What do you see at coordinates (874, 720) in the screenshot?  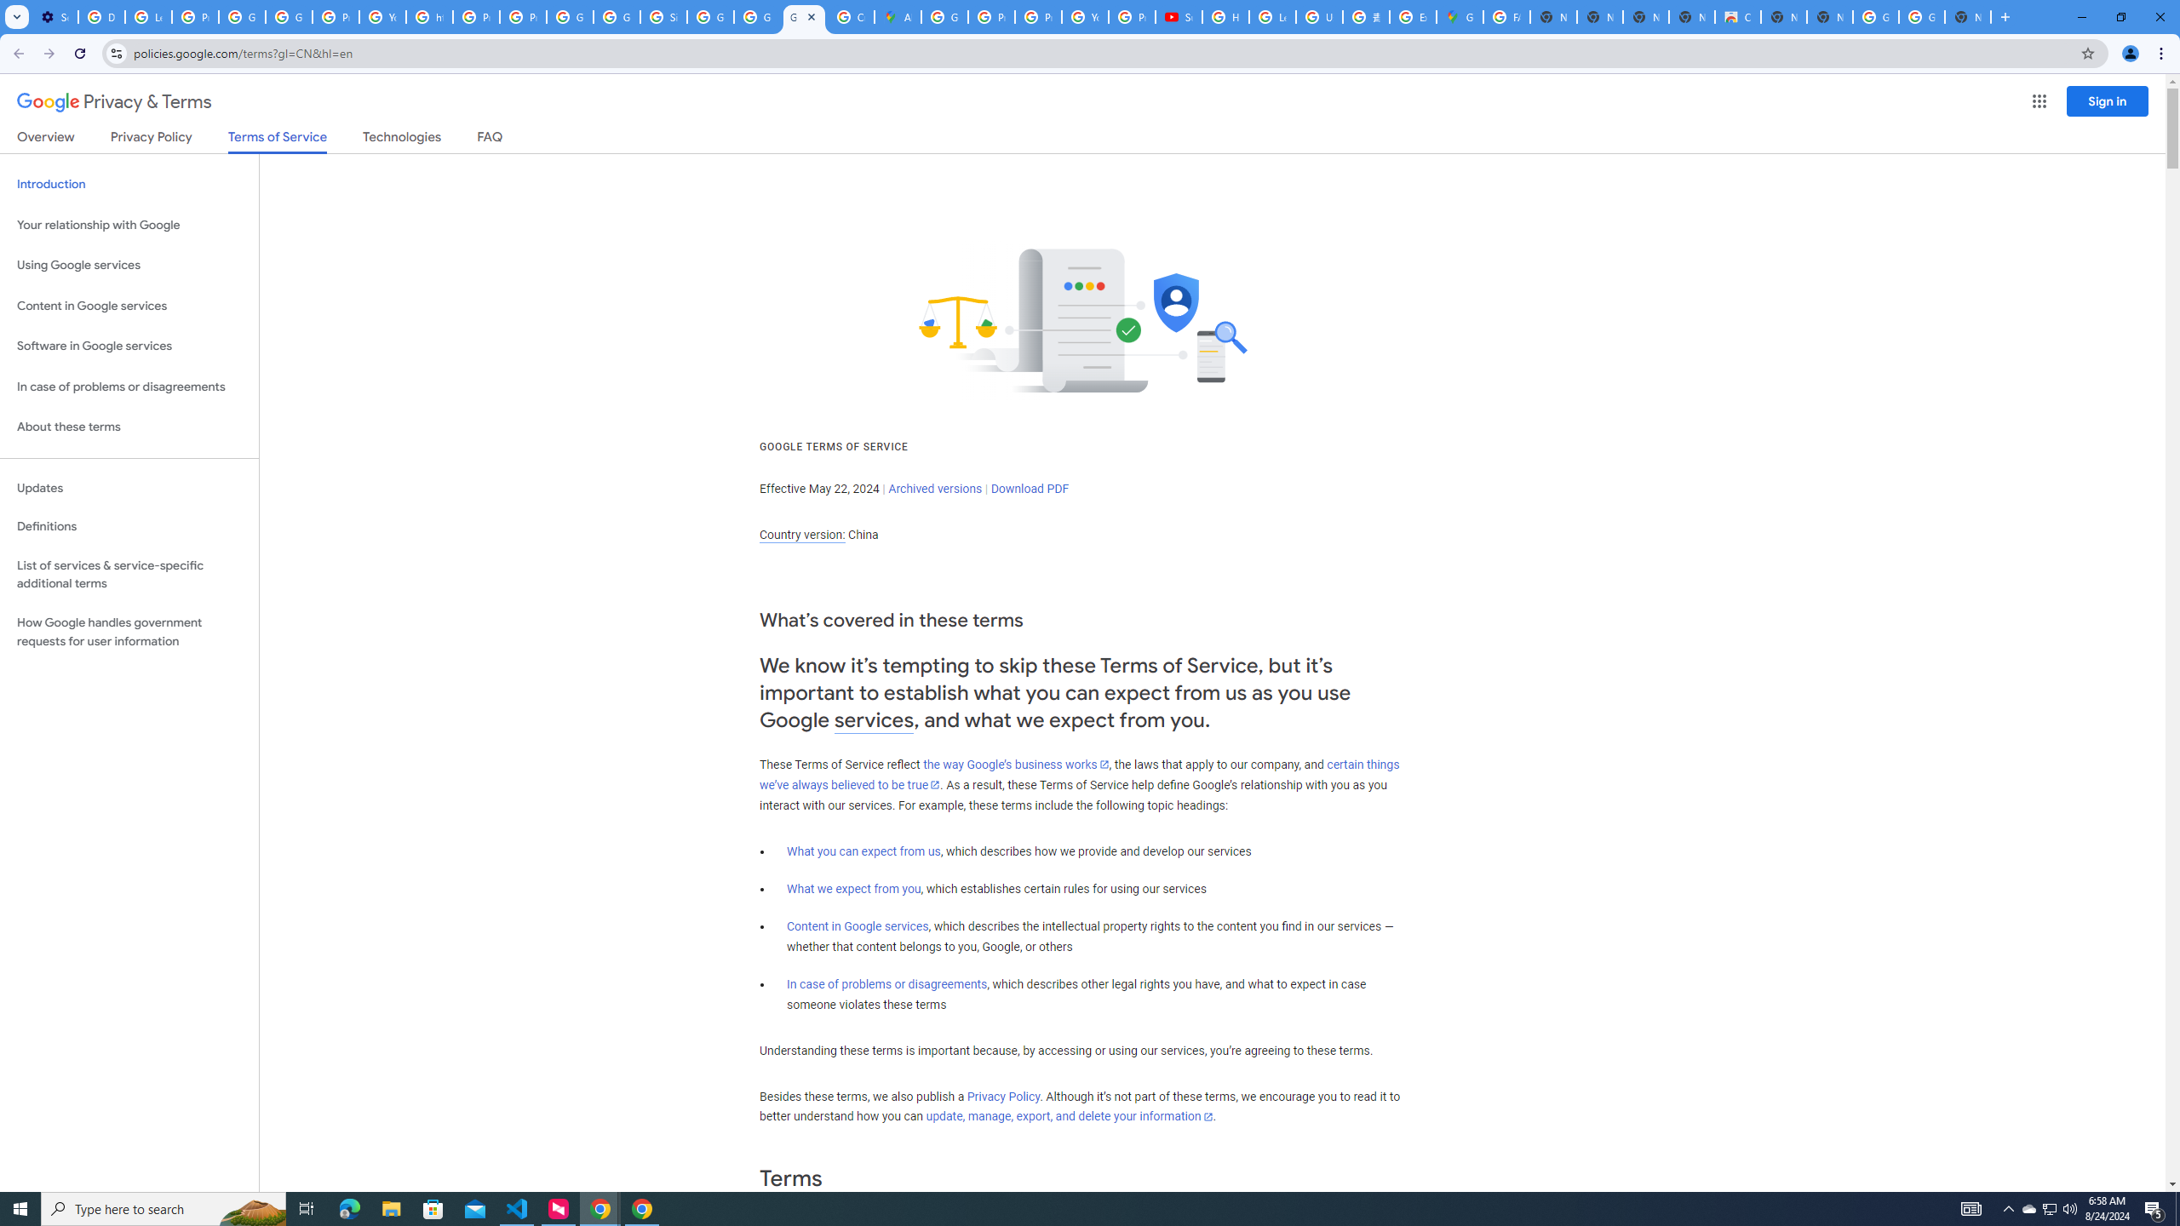 I see `'services'` at bounding box center [874, 720].